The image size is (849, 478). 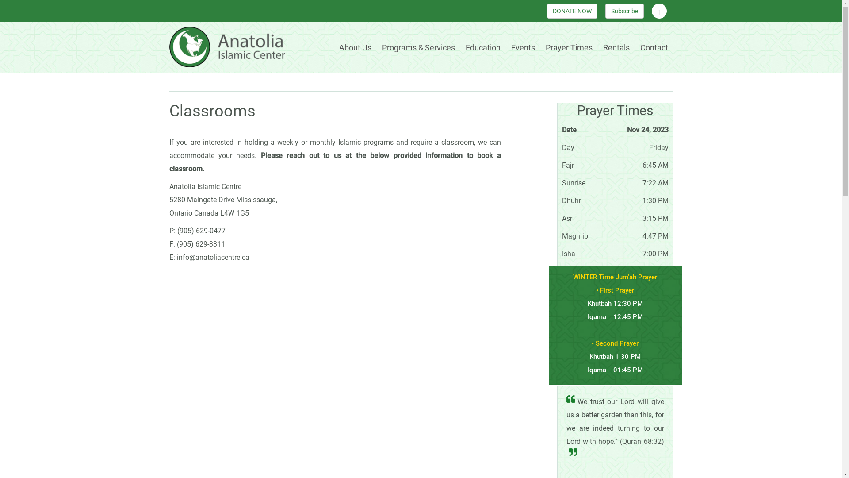 I want to click on 'DONATE NOW', so click(x=546, y=11).